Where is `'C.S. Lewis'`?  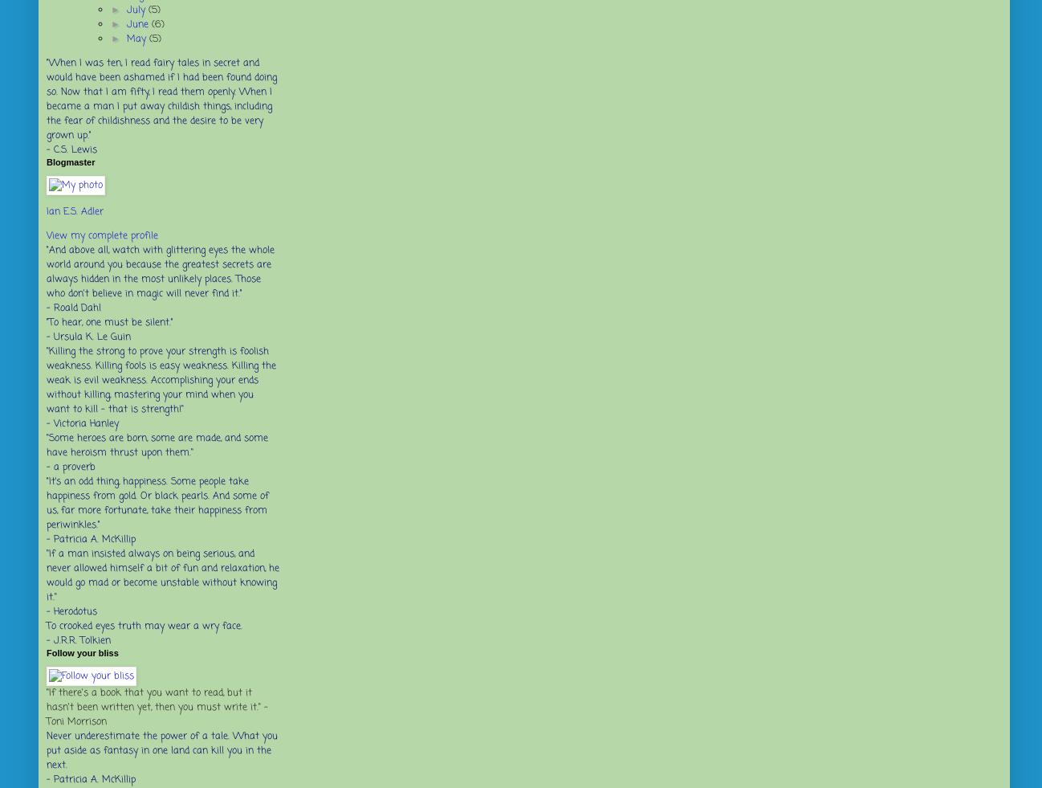
'C.S. Lewis' is located at coordinates (75, 149).